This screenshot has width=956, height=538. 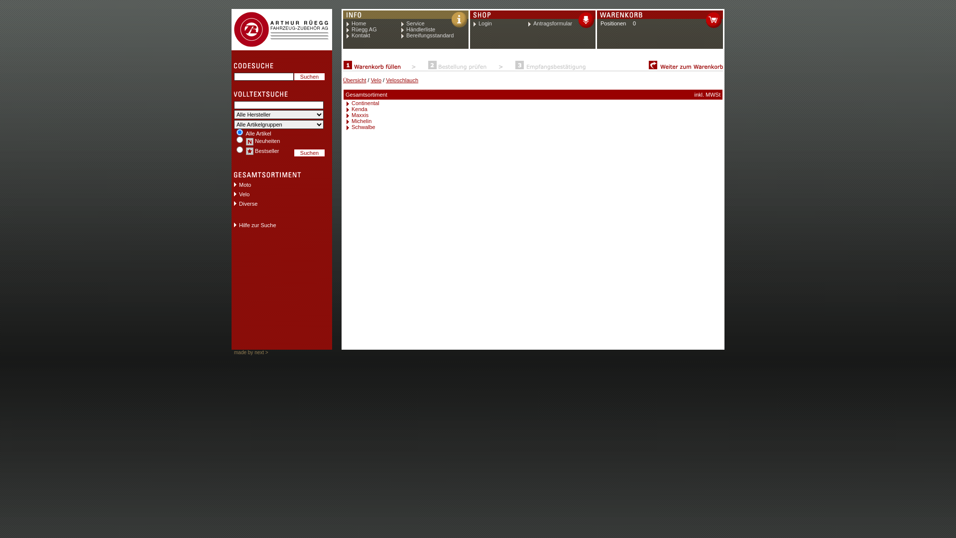 What do you see at coordinates (309, 153) in the screenshot?
I see `'Suchen'` at bounding box center [309, 153].